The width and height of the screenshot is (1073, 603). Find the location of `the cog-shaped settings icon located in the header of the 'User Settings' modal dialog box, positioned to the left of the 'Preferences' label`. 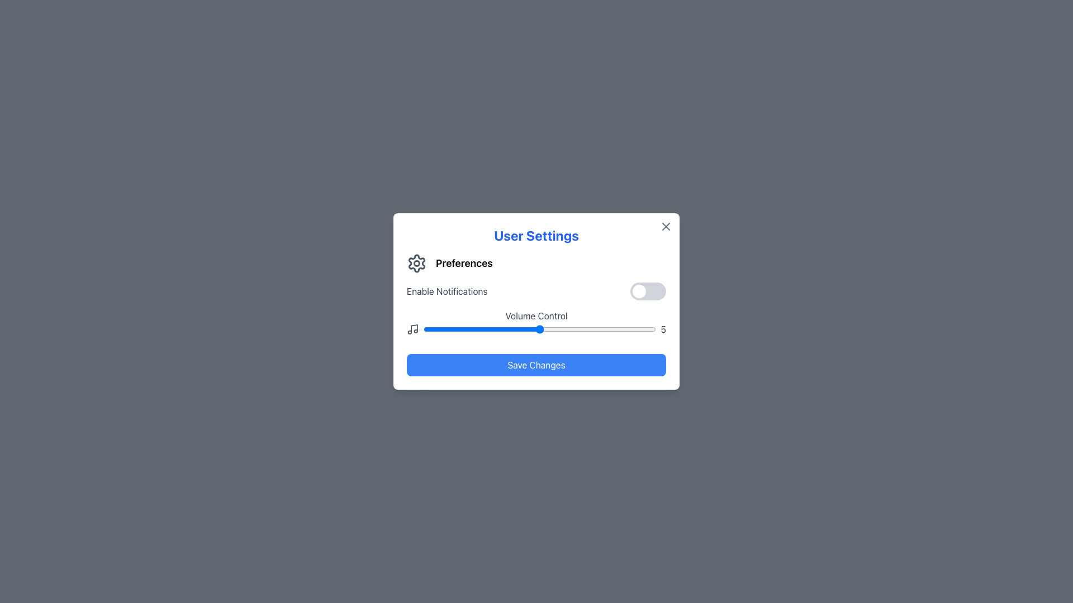

the cog-shaped settings icon located in the header of the 'User Settings' modal dialog box, positioned to the left of the 'Preferences' label is located at coordinates (416, 263).